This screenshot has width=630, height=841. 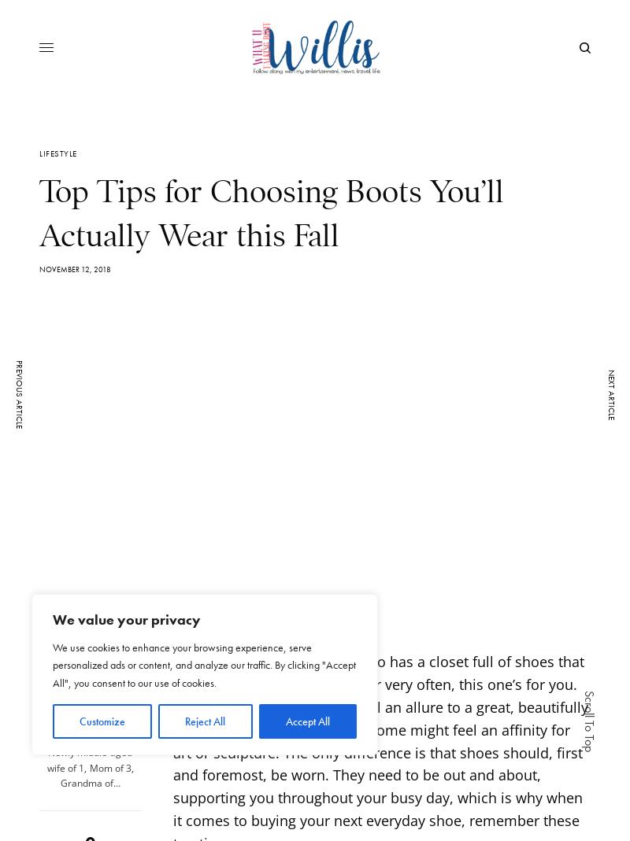 I want to click on 'Previous Article', so click(x=19, y=393).